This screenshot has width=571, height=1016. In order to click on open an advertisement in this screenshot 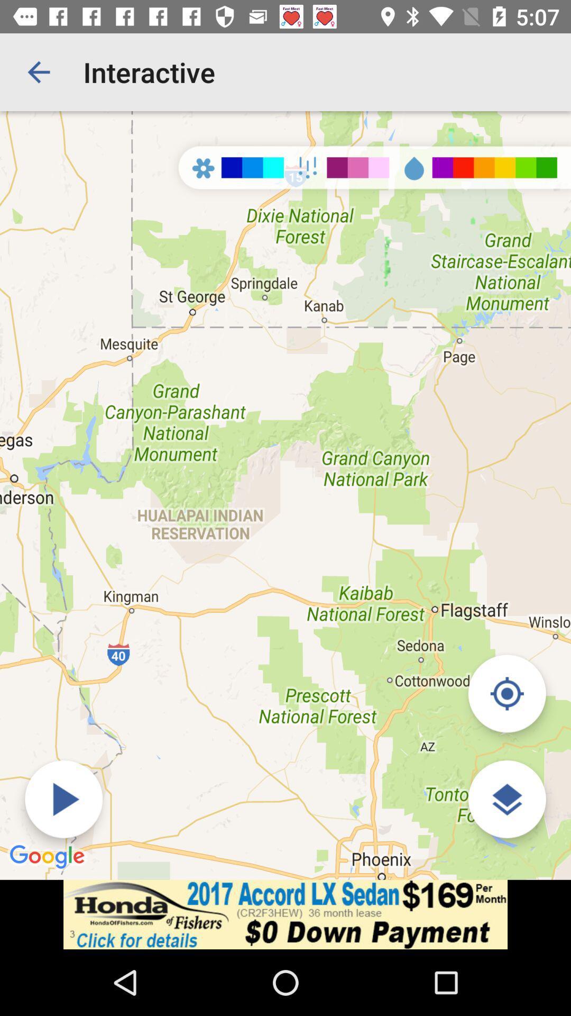, I will do `click(285, 914)`.